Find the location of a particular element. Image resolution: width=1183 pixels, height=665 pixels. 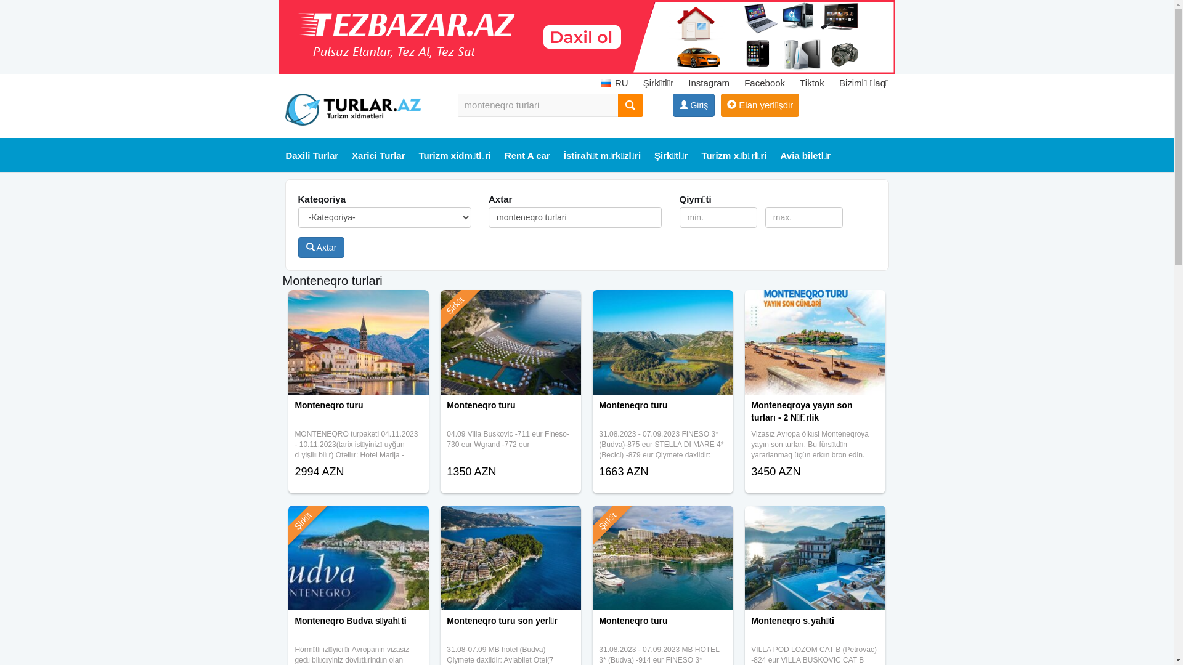

'max.' is located at coordinates (804, 217).